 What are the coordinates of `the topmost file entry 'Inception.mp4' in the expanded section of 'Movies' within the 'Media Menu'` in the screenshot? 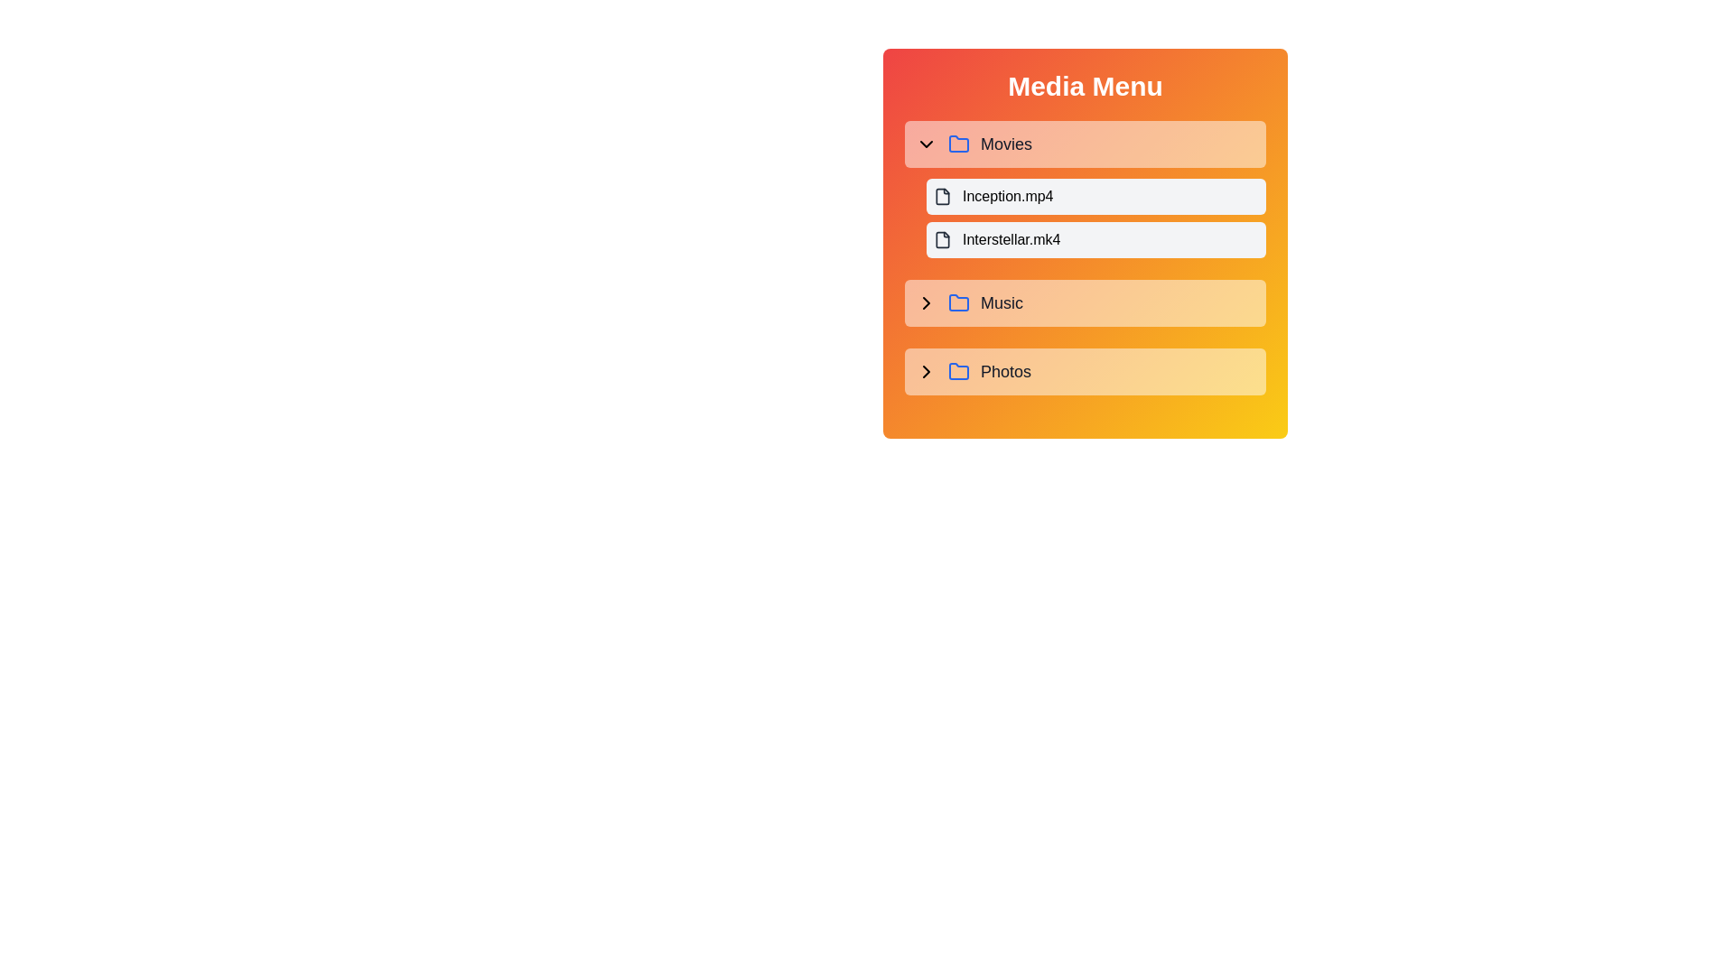 It's located at (1095, 197).